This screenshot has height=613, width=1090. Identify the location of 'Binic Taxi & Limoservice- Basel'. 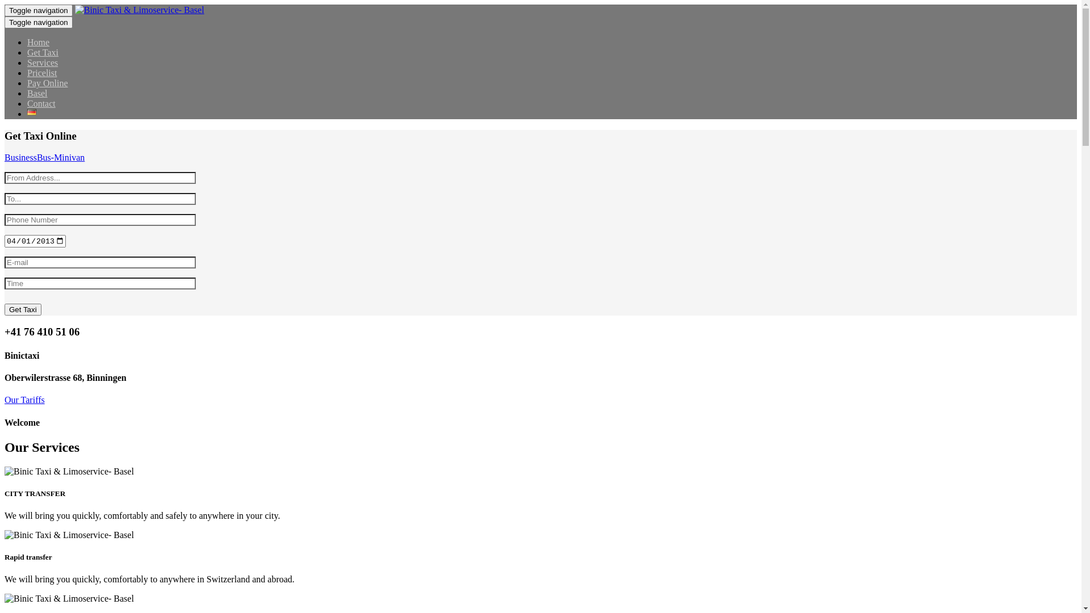
(5, 535).